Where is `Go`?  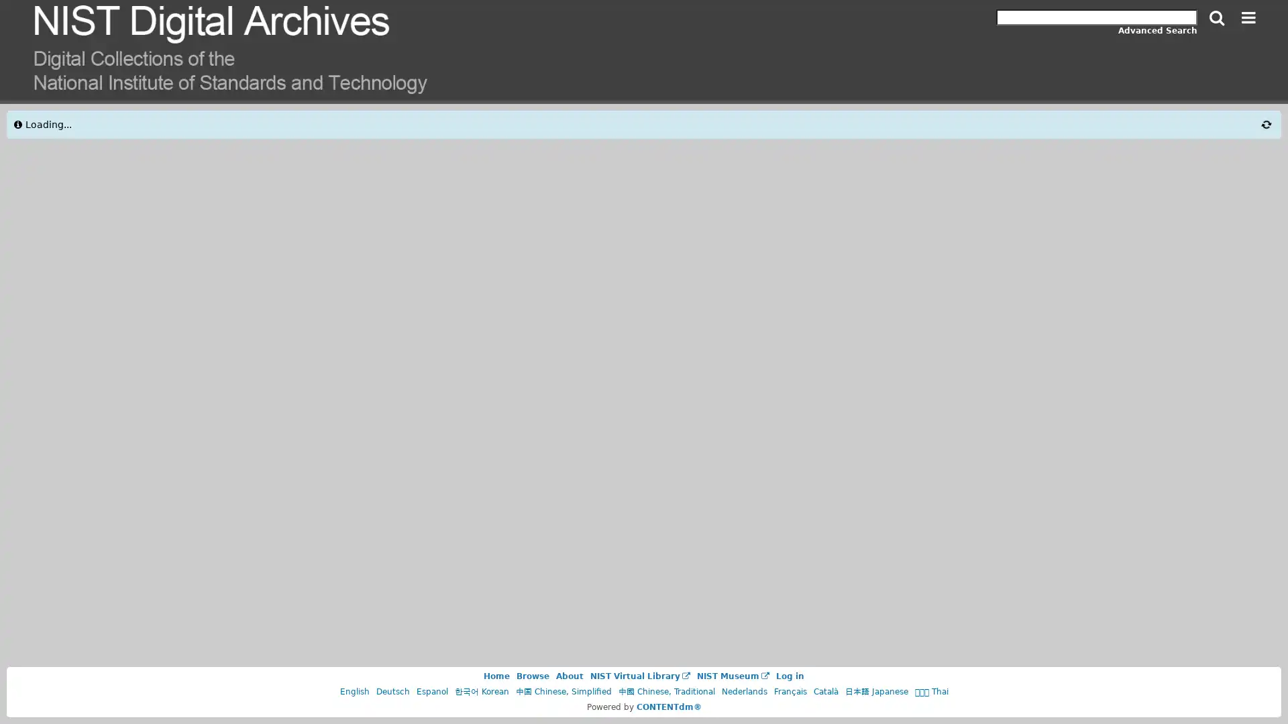 Go is located at coordinates (1012, 164).